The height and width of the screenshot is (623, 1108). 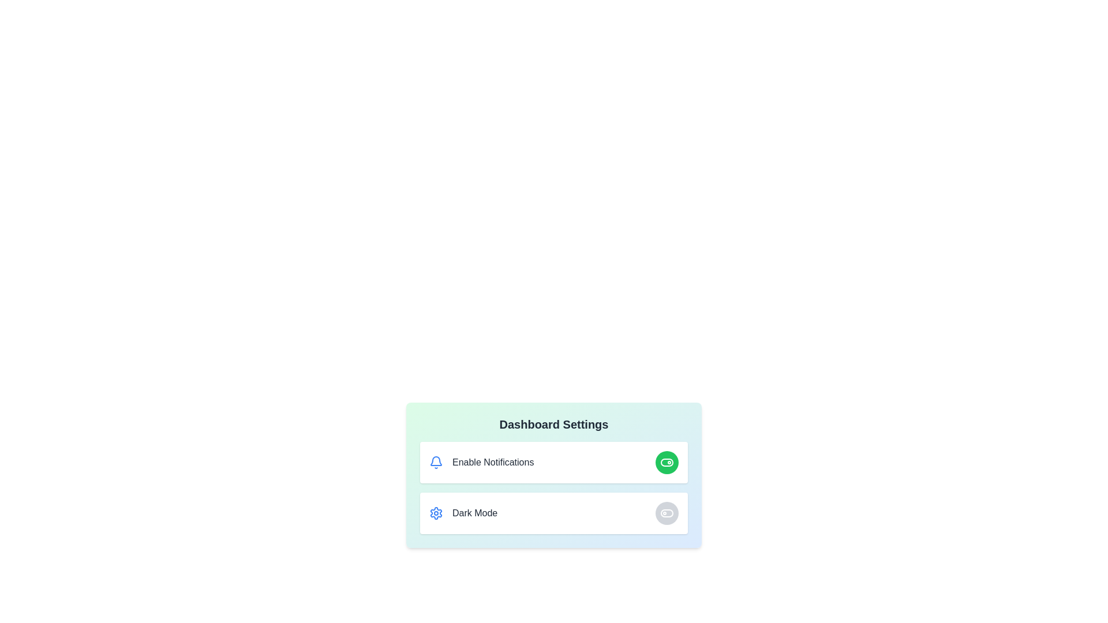 What do you see at coordinates (667, 462) in the screenshot?
I see `the toggle switch icon located within the green circular button on the rightmost side of the 'Enable Notifications' row in the 'Dashboard Settings' section` at bounding box center [667, 462].